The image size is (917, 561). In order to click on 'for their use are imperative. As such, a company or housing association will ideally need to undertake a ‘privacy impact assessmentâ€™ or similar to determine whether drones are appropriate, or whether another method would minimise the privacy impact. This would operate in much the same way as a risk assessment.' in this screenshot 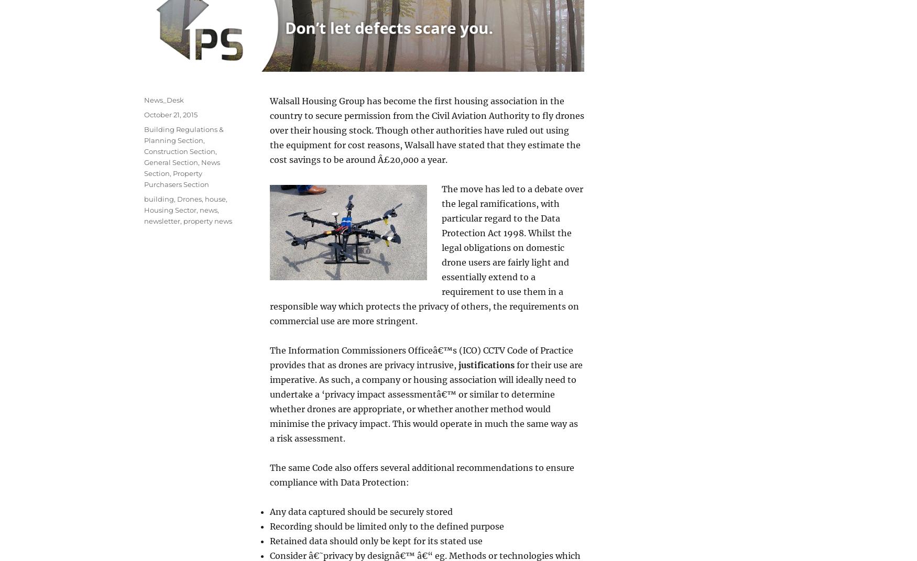, I will do `click(425, 401)`.